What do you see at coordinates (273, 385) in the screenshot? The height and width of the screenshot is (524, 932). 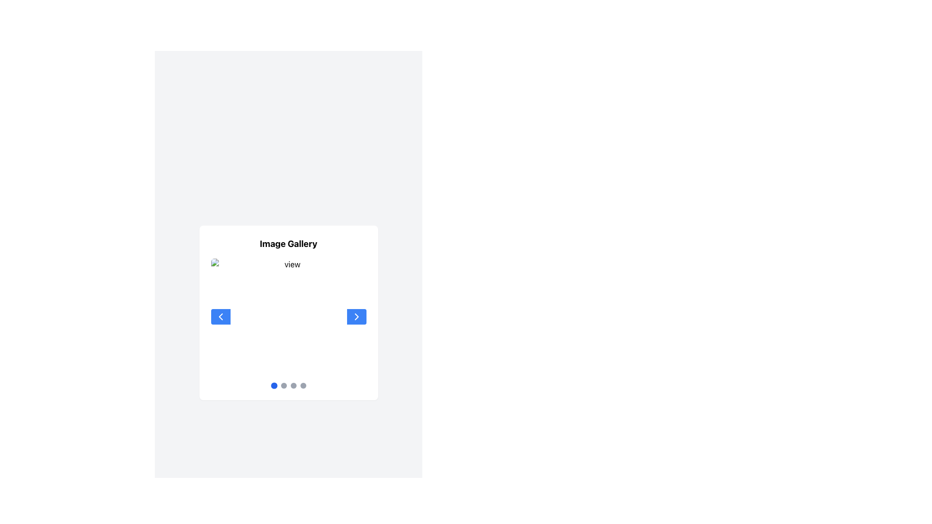 I see `the first circular carousel indicator located at the center-bottom section of the white card interface to change the active carousel slide` at bounding box center [273, 385].